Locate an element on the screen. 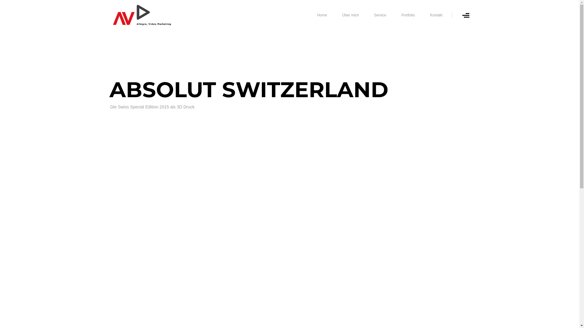 This screenshot has width=584, height=328. 'Home' is located at coordinates (322, 15).